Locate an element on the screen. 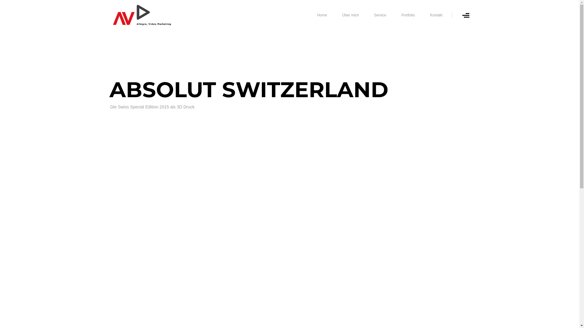 This screenshot has width=584, height=328. 'Home' is located at coordinates (322, 15).